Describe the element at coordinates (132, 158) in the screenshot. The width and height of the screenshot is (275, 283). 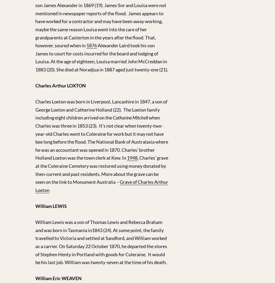
I see `'1948'` at that location.